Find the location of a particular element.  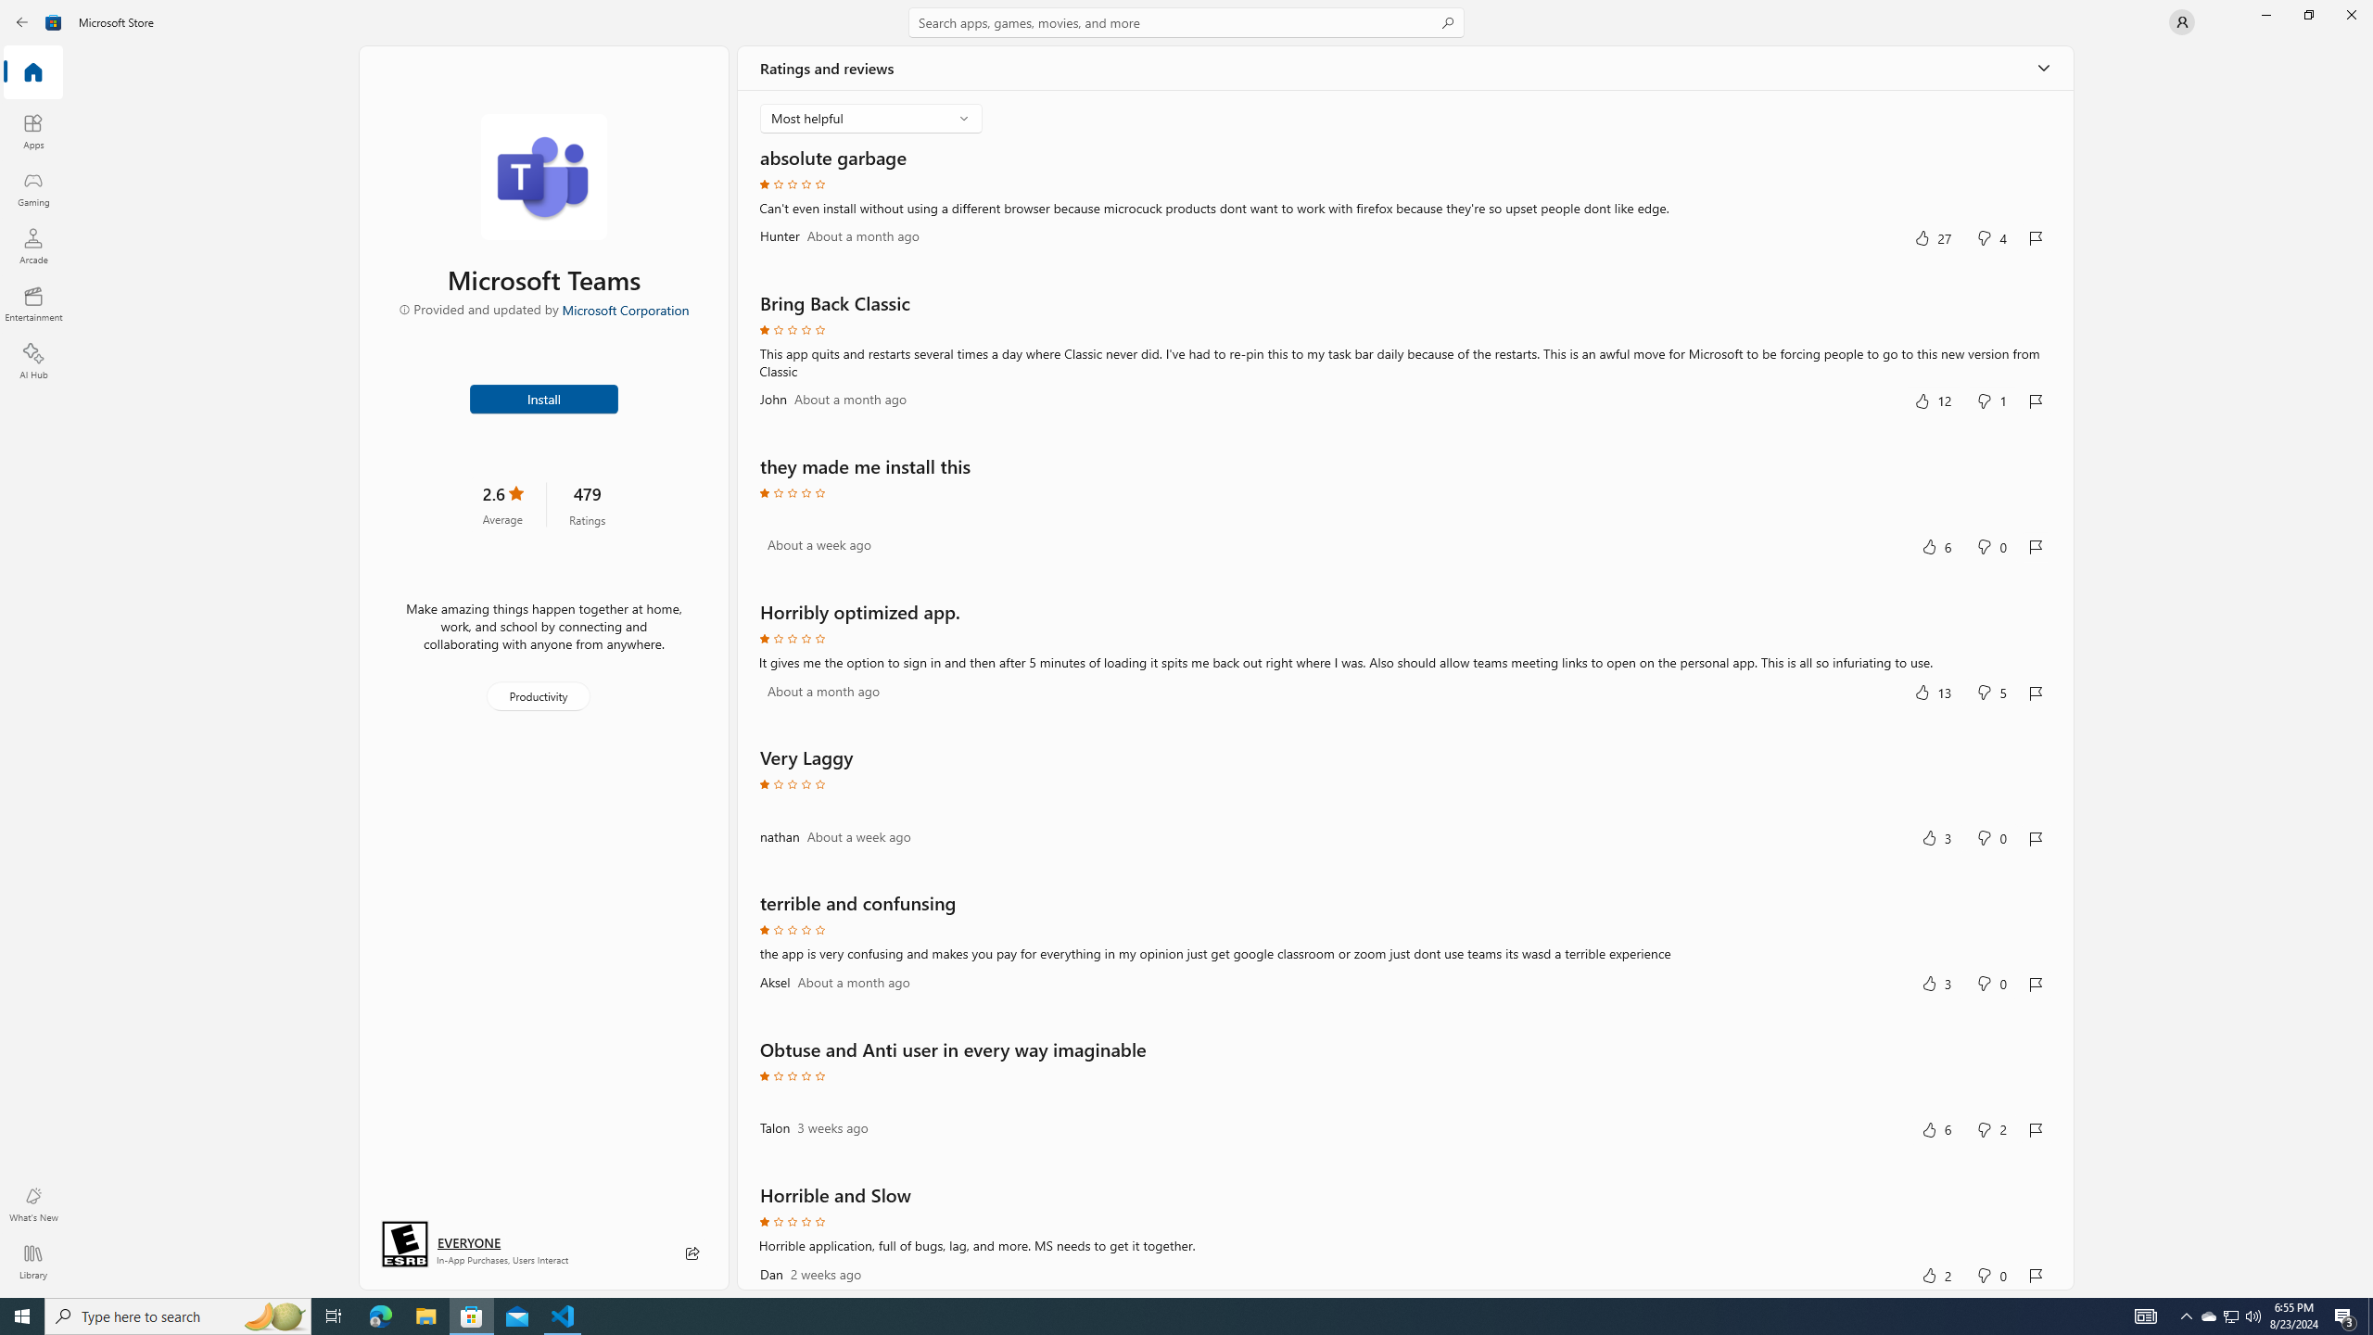

'Productivity' is located at coordinates (536, 695).